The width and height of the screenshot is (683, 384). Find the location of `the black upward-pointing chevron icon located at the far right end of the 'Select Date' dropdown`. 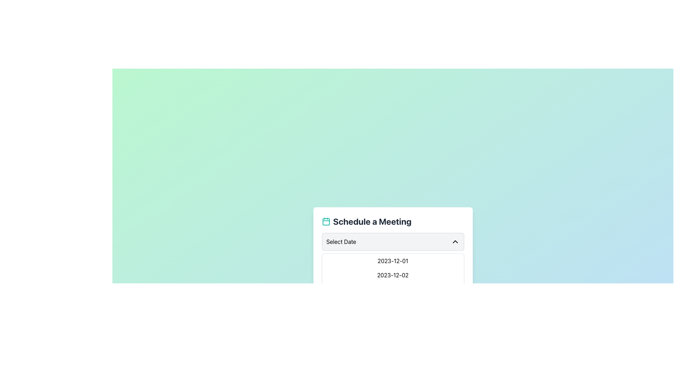

the black upward-pointing chevron icon located at the far right end of the 'Select Date' dropdown is located at coordinates (455, 241).